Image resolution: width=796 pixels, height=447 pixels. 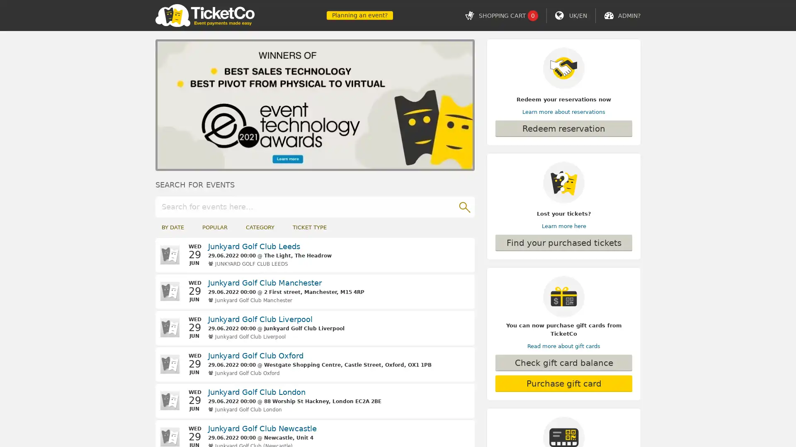 I want to click on UK/EN, so click(x=578, y=15).